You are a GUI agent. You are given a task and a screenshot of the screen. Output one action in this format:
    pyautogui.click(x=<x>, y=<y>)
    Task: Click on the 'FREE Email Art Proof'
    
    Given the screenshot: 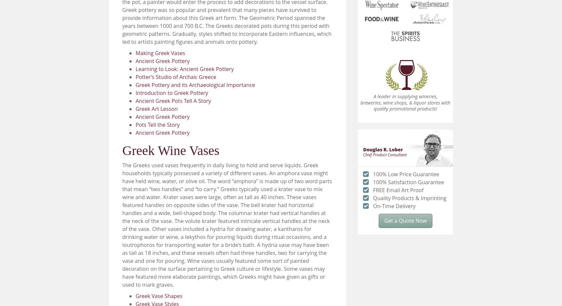 What is the action you would take?
    pyautogui.click(x=398, y=190)
    